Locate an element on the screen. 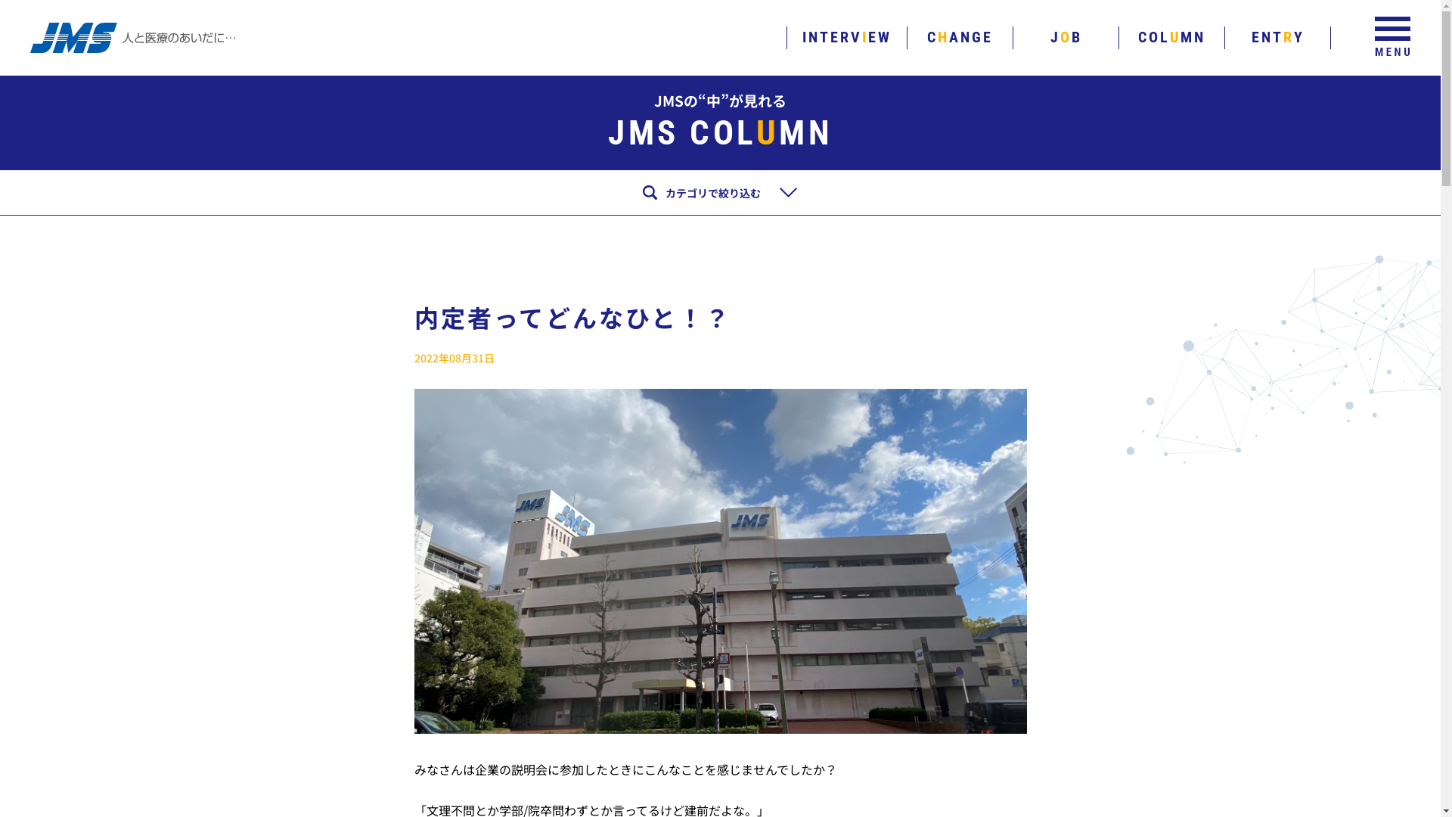 This screenshot has height=817, width=1452. 'COLUMN' is located at coordinates (1138, 36).